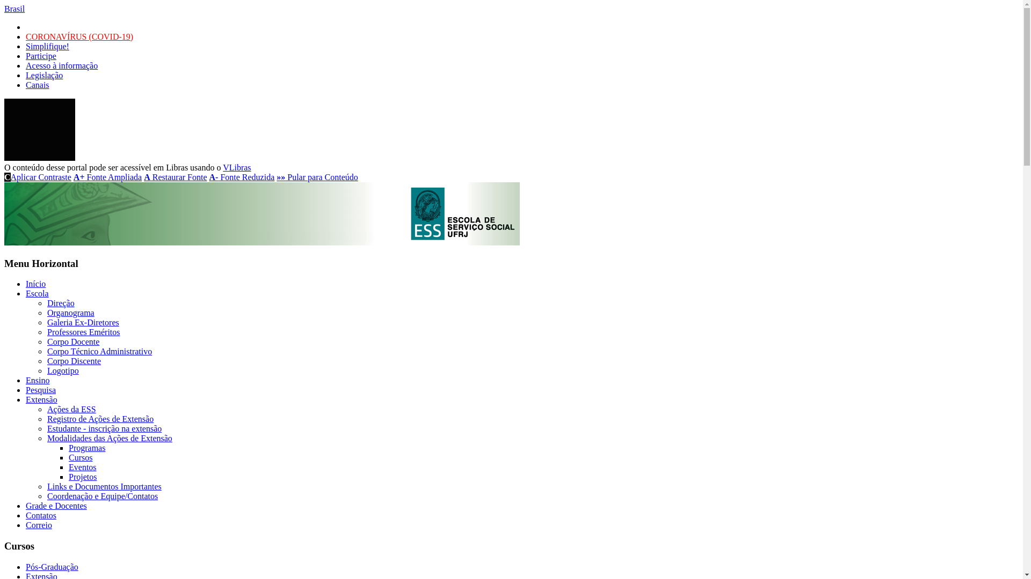  I want to click on 'CAplicar Contraste', so click(38, 176).